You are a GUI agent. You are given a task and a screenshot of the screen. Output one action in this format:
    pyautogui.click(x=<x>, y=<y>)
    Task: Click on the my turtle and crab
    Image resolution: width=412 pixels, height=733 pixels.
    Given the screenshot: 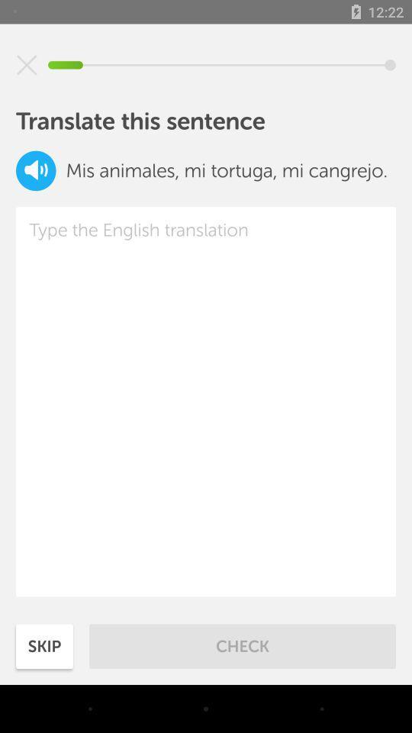 What is the action you would take?
    pyautogui.click(x=27, y=65)
    